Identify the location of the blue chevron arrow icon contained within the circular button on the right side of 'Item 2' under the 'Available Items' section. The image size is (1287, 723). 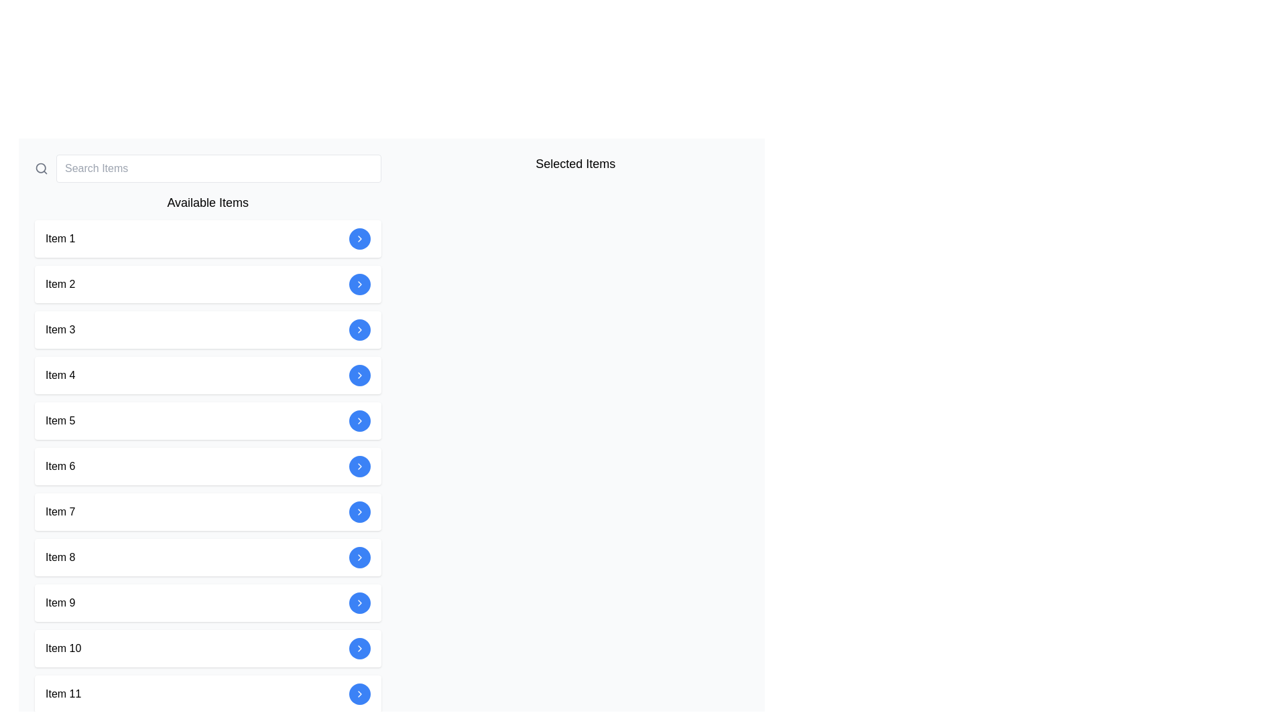
(359, 283).